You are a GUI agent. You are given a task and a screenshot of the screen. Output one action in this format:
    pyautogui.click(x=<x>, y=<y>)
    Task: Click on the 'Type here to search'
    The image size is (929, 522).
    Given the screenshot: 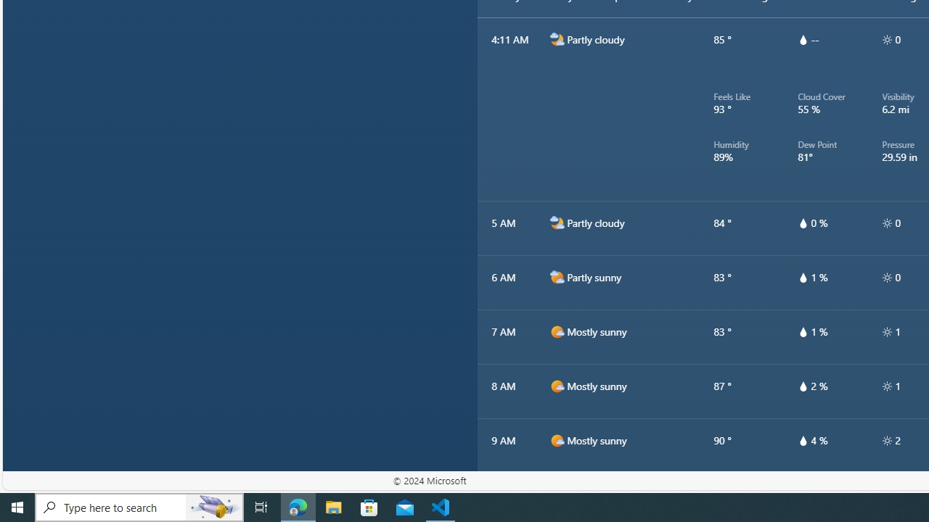 What is the action you would take?
    pyautogui.click(x=139, y=506)
    